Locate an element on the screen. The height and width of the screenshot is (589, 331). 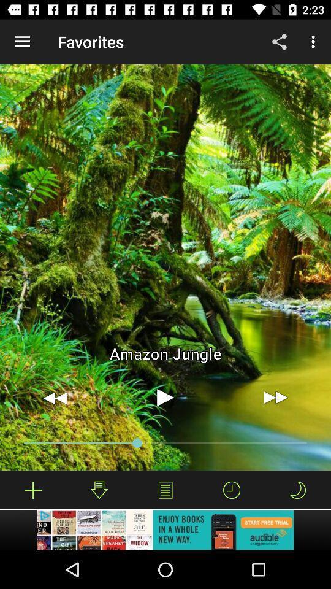
the item next to the favorites app is located at coordinates (22, 42).